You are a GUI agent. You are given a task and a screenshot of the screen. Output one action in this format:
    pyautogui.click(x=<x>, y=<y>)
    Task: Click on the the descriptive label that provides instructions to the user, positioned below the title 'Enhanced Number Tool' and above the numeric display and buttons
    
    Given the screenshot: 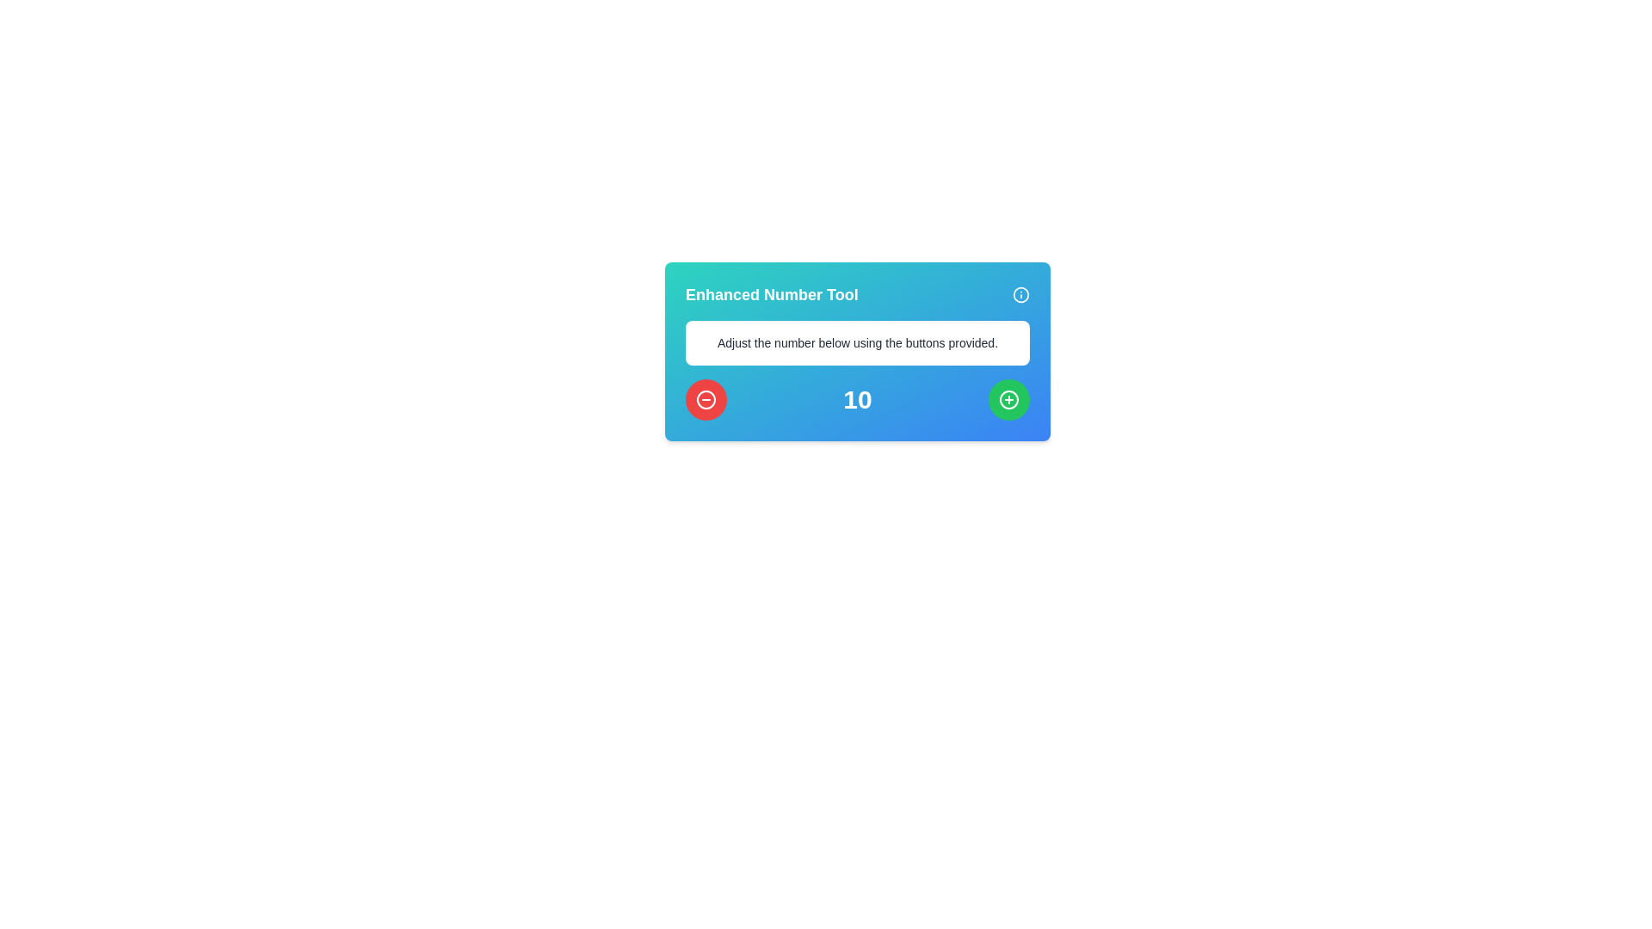 What is the action you would take?
    pyautogui.click(x=858, y=342)
    